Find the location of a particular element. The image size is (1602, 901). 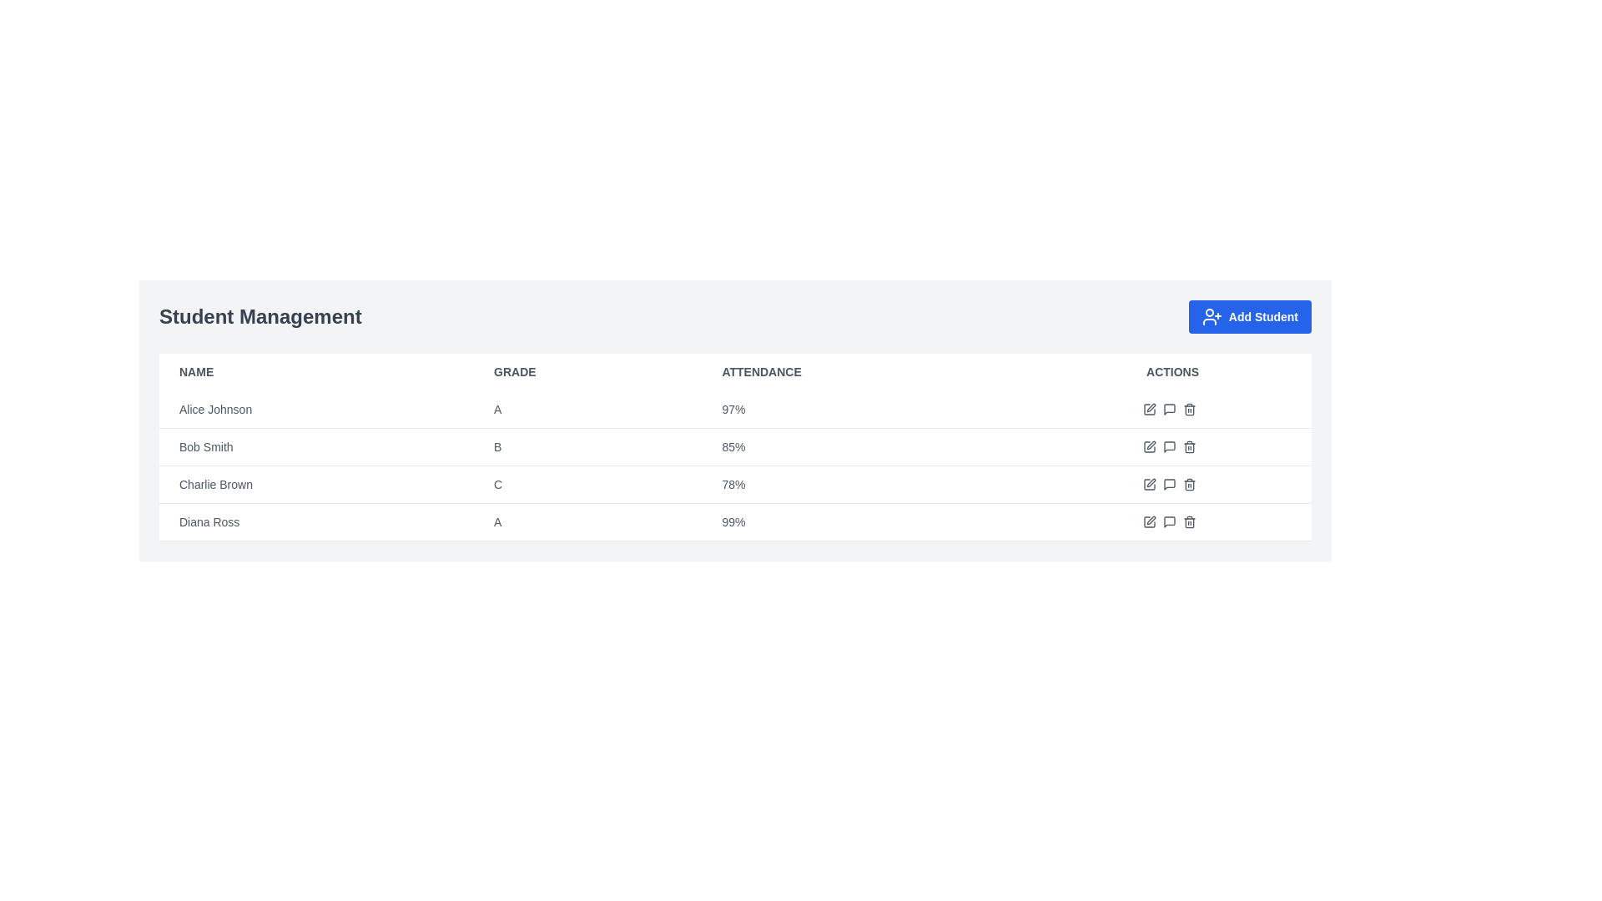

the Trash Can icon in the Actions column of the table row for 'Charlie Brown' is located at coordinates (1188, 485).